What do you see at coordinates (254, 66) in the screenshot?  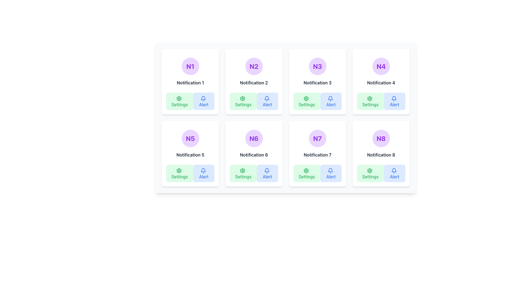 I see `the Badge representing the item 'N2', which is located at the second position in the top row of the grid layout, between the badges 'N1' and 'N3'` at bounding box center [254, 66].